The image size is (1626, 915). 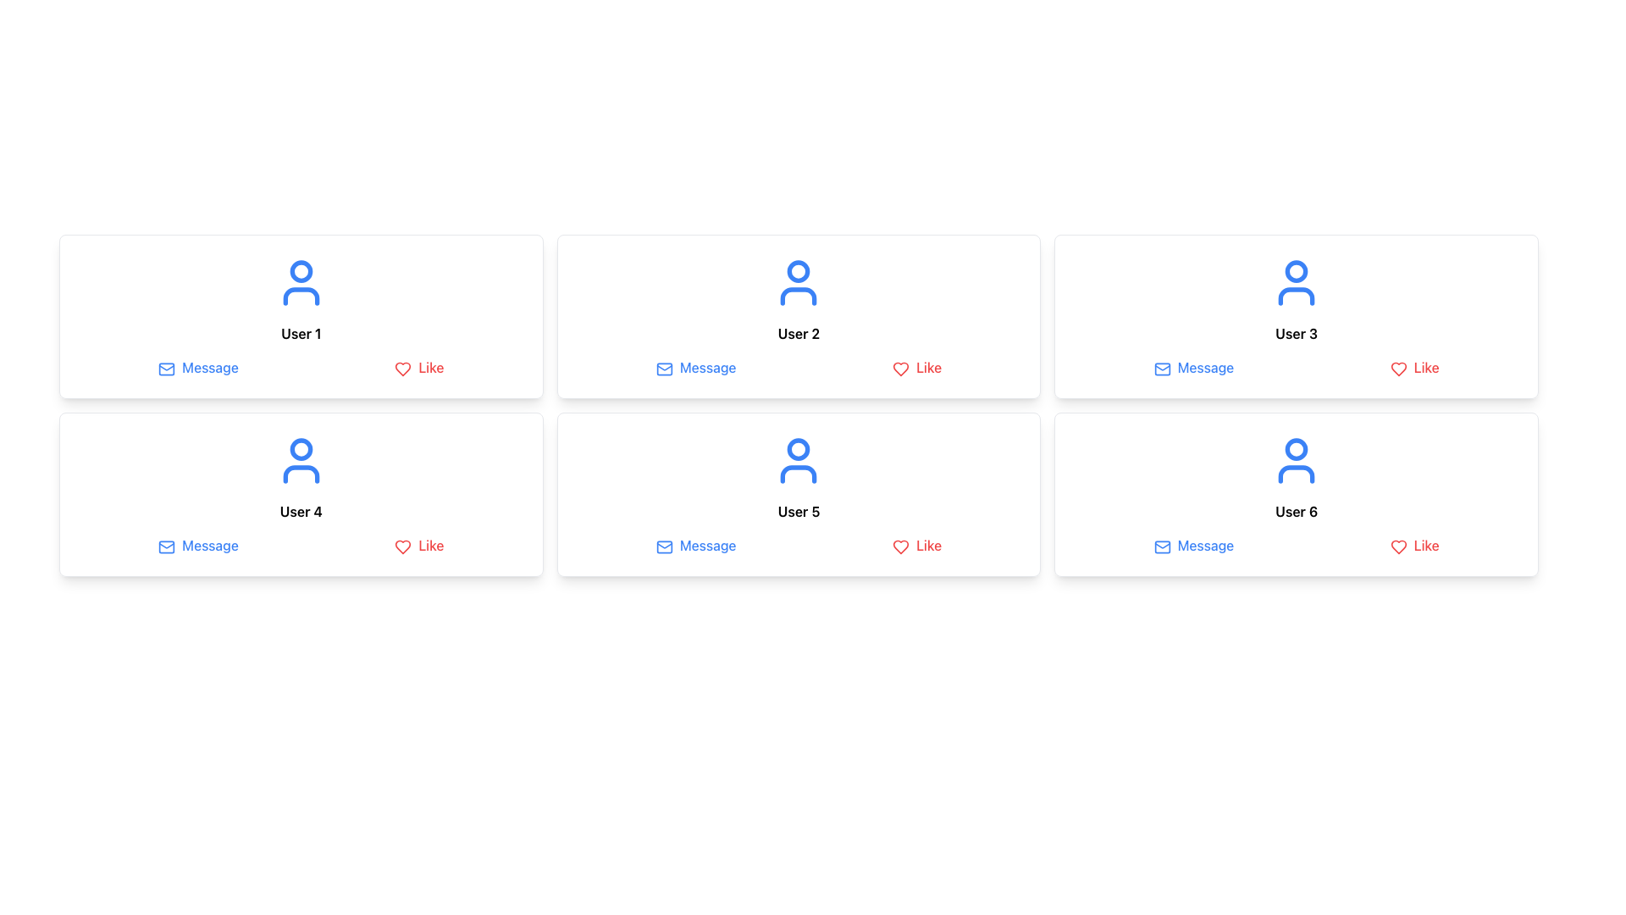 I want to click on the blue user icon located at the top-center of the 'User 3' card, which has a circular head and a rounded rectangular body, so click(x=1296, y=282).